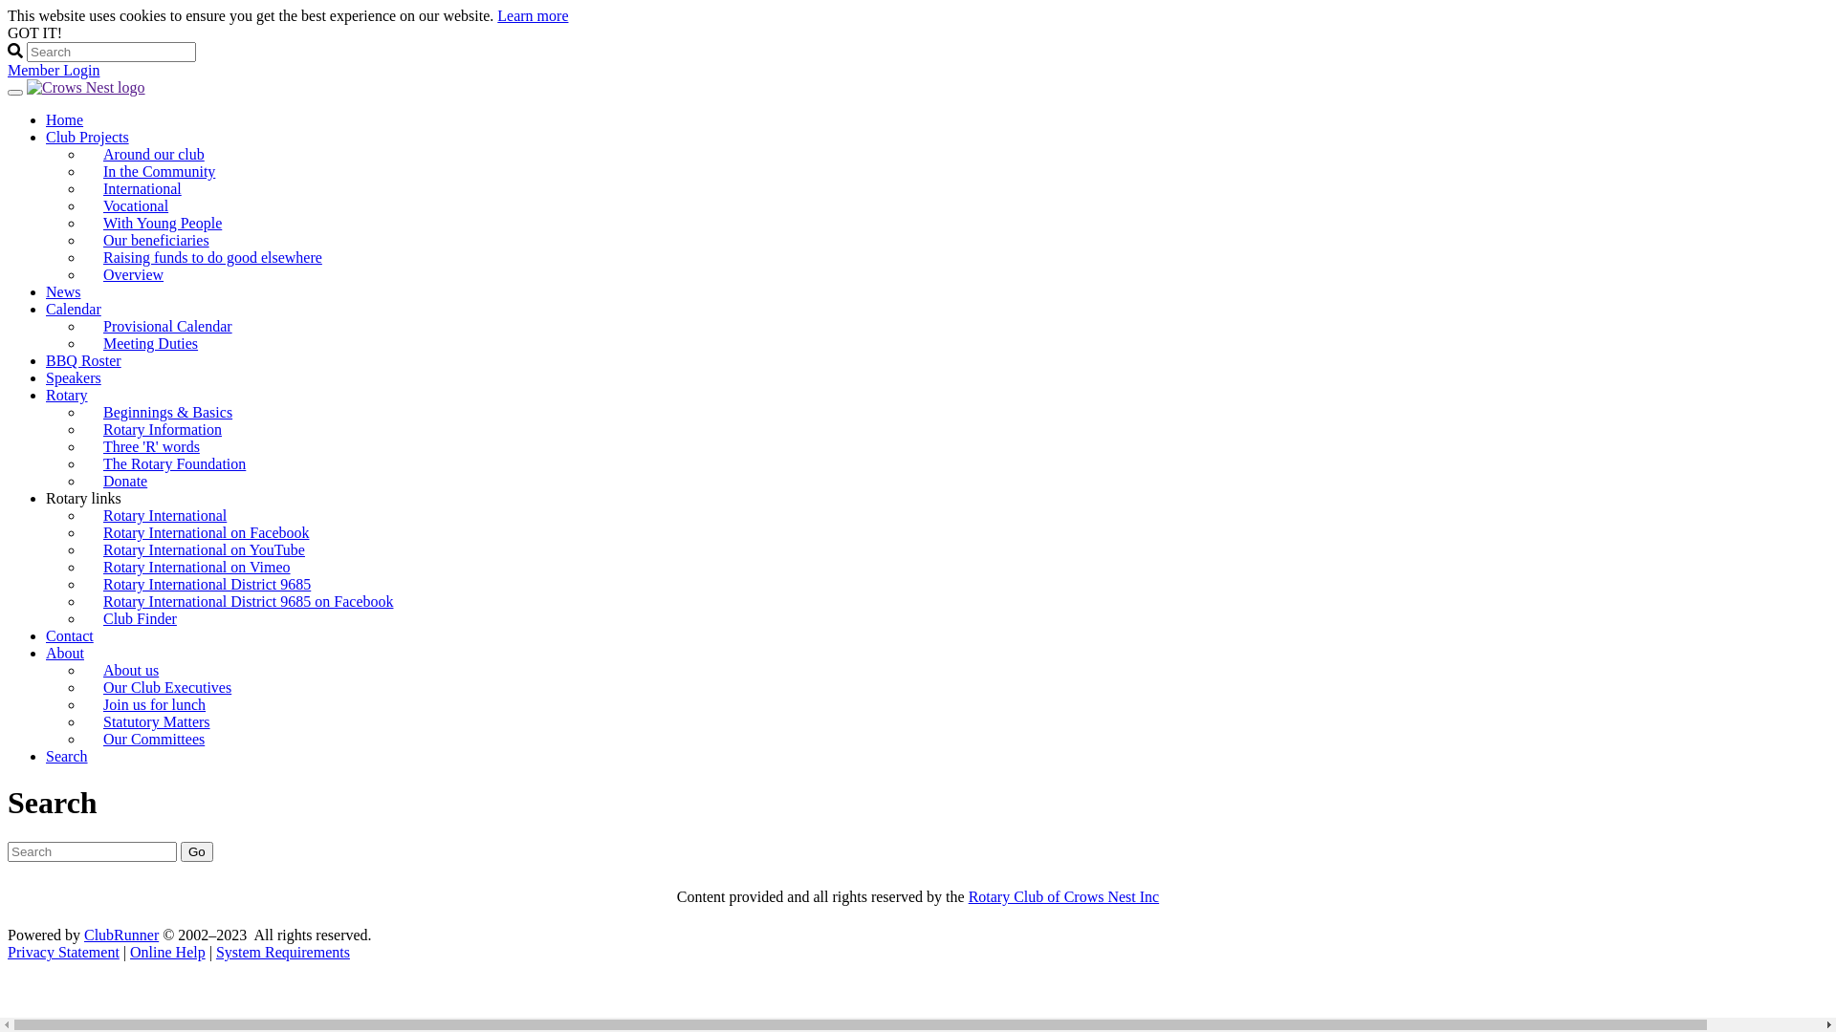  I want to click on 'Club Projects', so click(86, 136).